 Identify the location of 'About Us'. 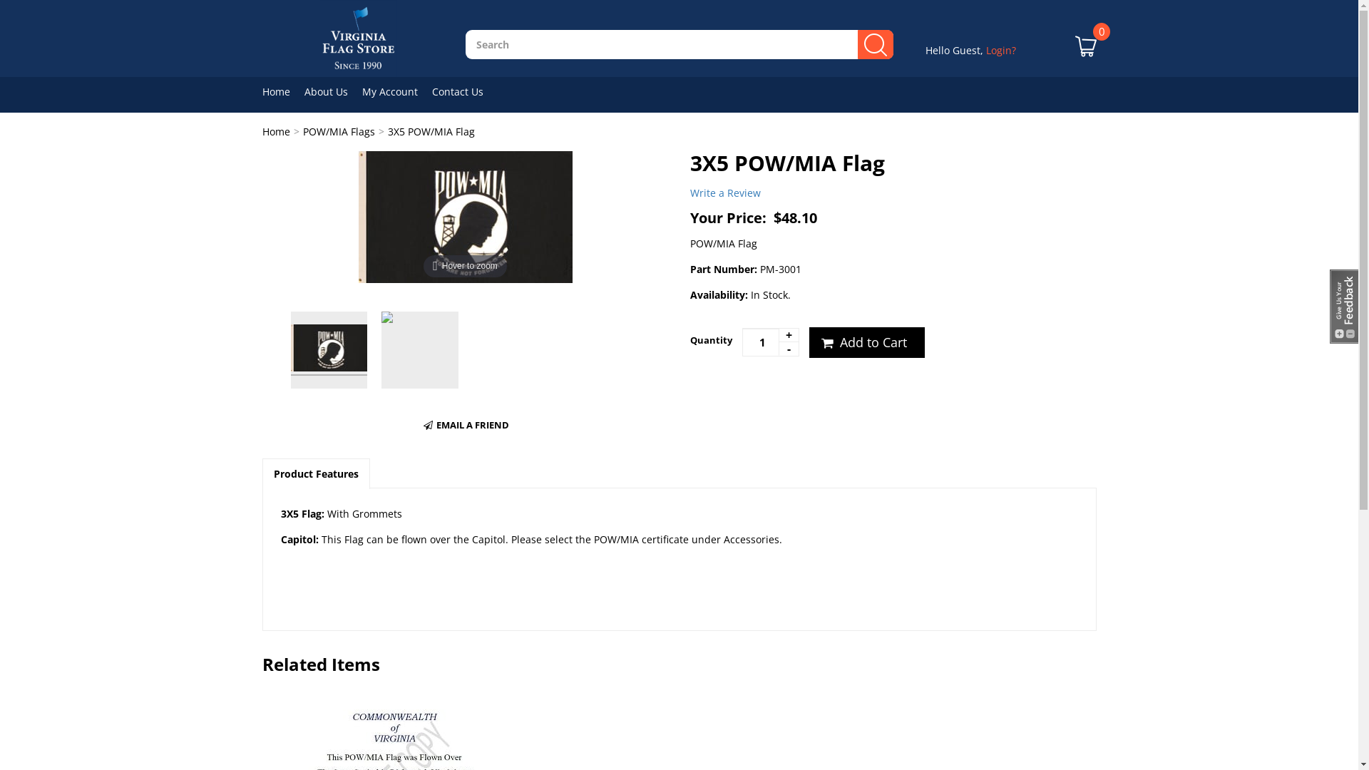
(332, 91).